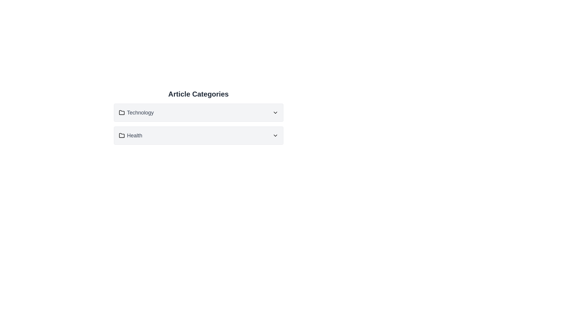 The height and width of the screenshot is (317, 565). I want to click on the 'Technology' category list item in the 'Article Categories' section, so click(136, 113).